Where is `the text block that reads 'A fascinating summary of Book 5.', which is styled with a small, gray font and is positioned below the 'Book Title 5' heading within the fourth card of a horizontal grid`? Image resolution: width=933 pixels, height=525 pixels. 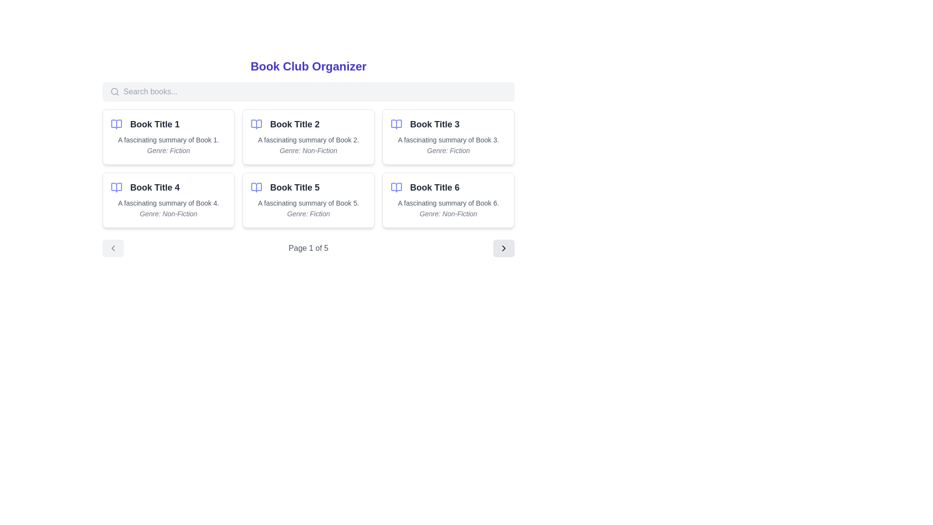 the text block that reads 'A fascinating summary of Book 5.', which is styled with a small, gray font and is positioned below the 'Book Title 5' heading within the fourth card of a horizontal grid is located at coordinates (308, 202).